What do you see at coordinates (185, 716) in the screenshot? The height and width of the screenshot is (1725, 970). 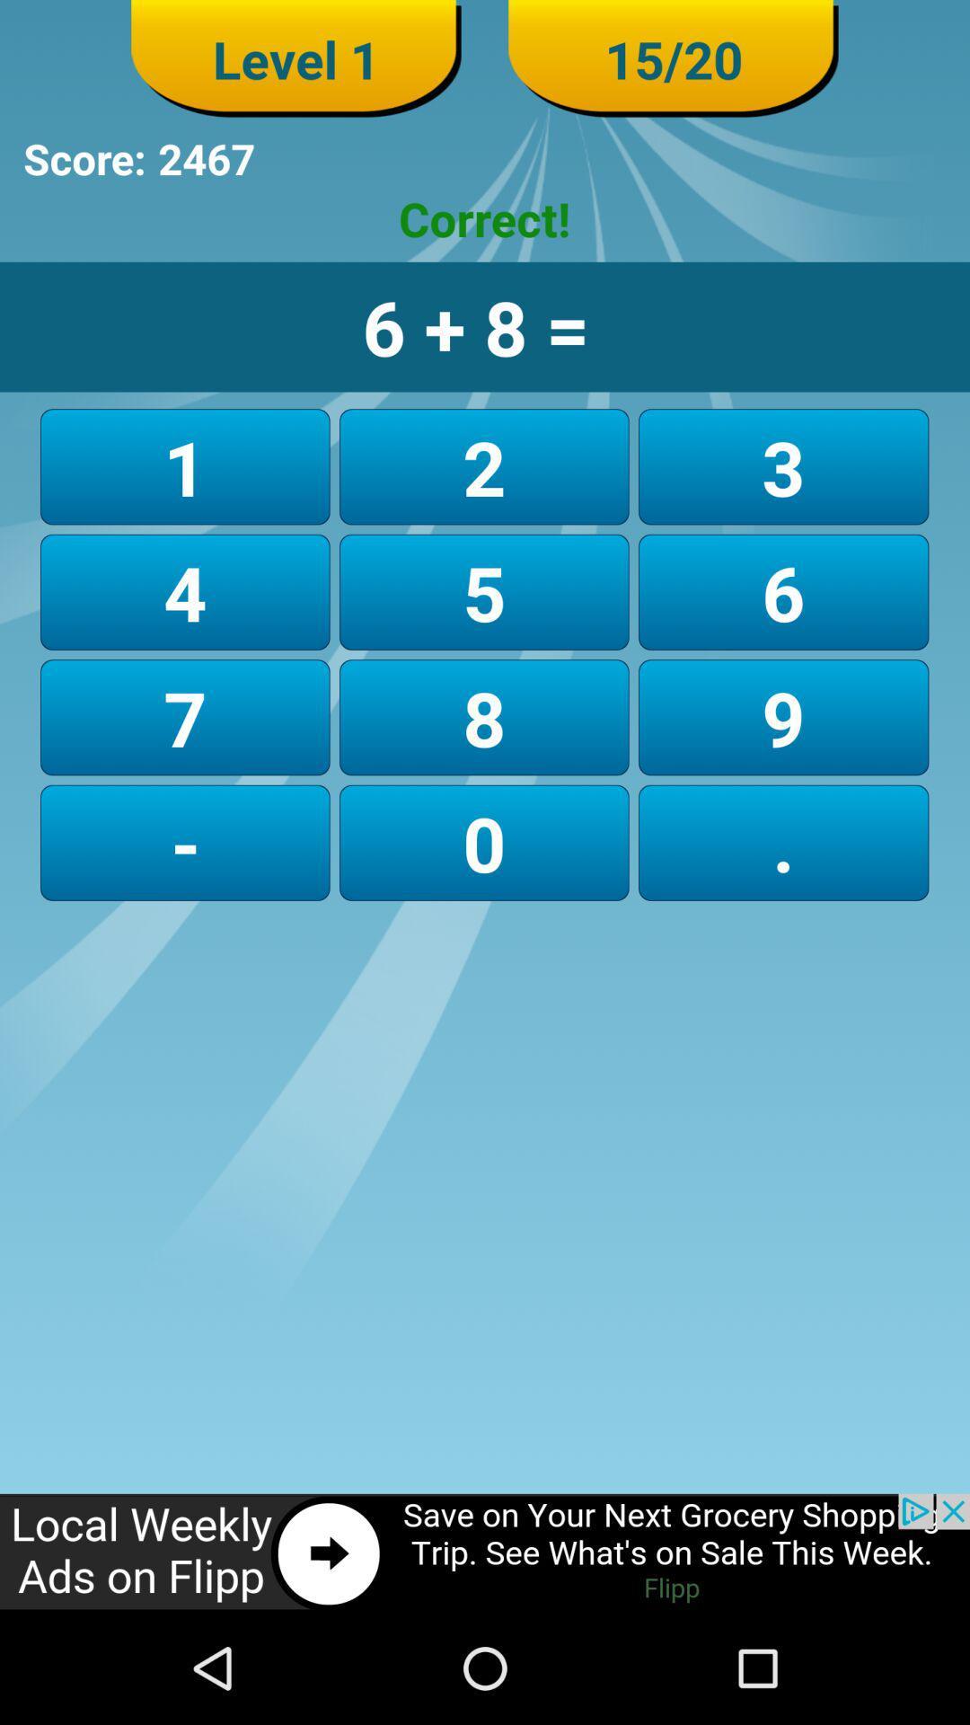 I see `item next to 5 item` at bounding box center [185, 716].